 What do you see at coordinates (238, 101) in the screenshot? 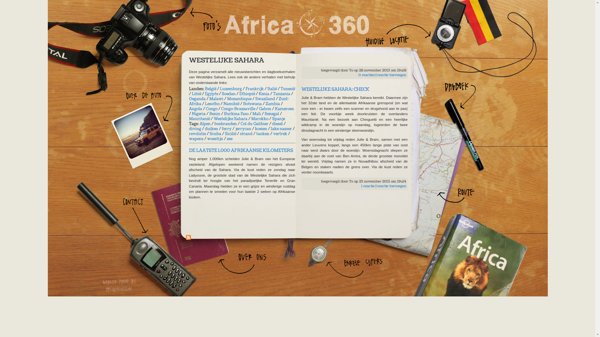
I see `'Zuid-Afrika'` at bounding box center [238, 101].